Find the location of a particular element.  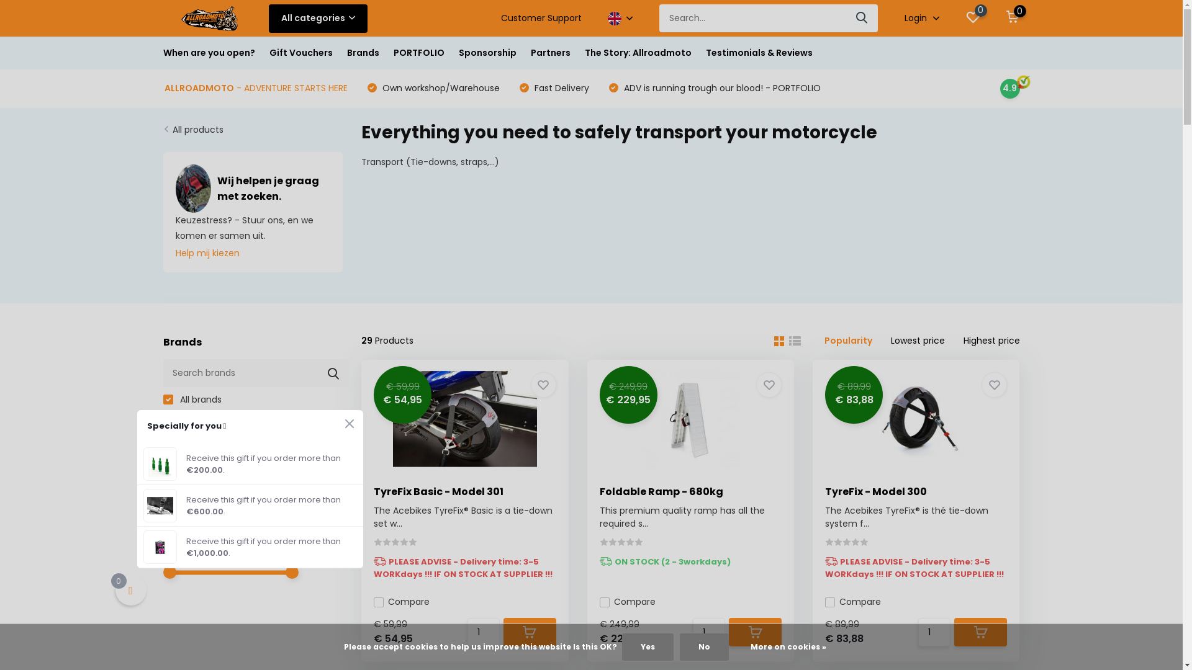

'TyreFix Basic - Model 301' is located at coordinates (438, 491).